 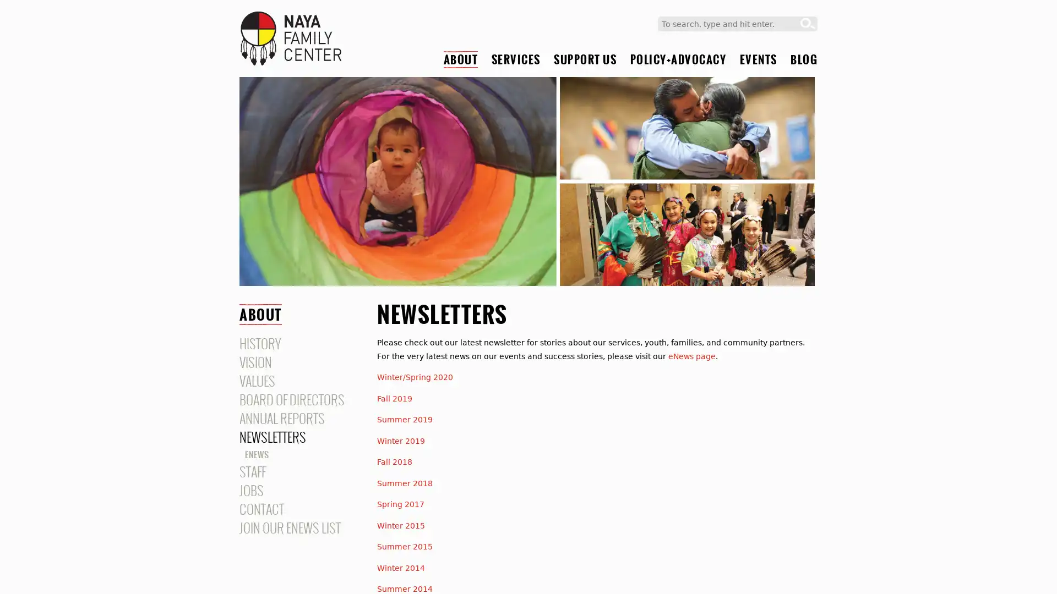 What do you see at coordinates (808, 24) in the screenshot?
I see `Search` at bounding box center [808, 24].